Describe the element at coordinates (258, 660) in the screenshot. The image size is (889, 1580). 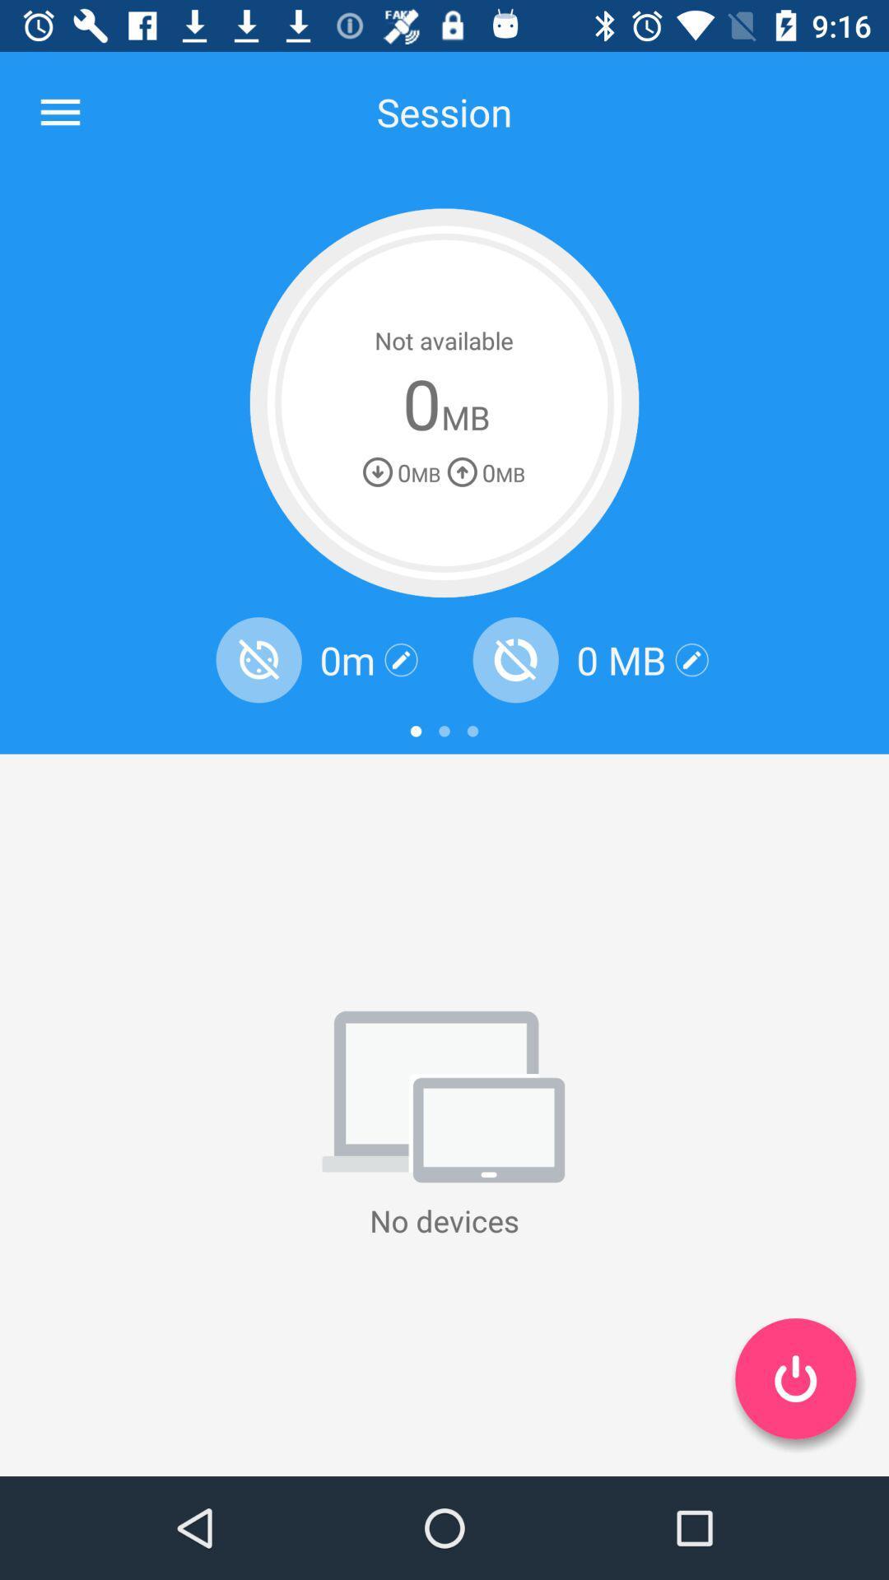
I see `relode` at that location.